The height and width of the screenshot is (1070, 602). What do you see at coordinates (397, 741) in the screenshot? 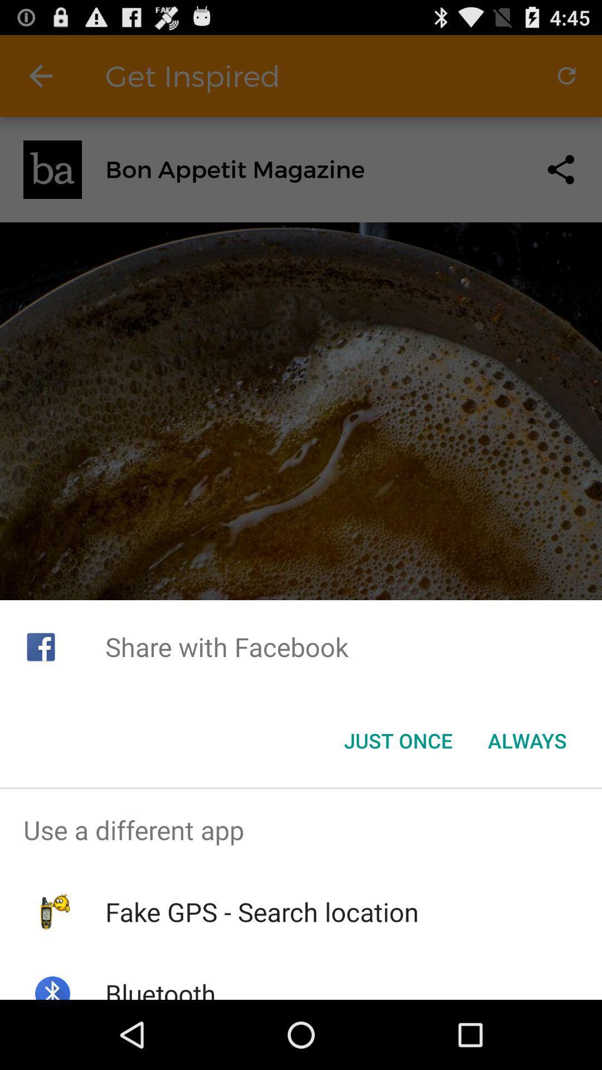
I see `just once` at bounding box center [397, 741].